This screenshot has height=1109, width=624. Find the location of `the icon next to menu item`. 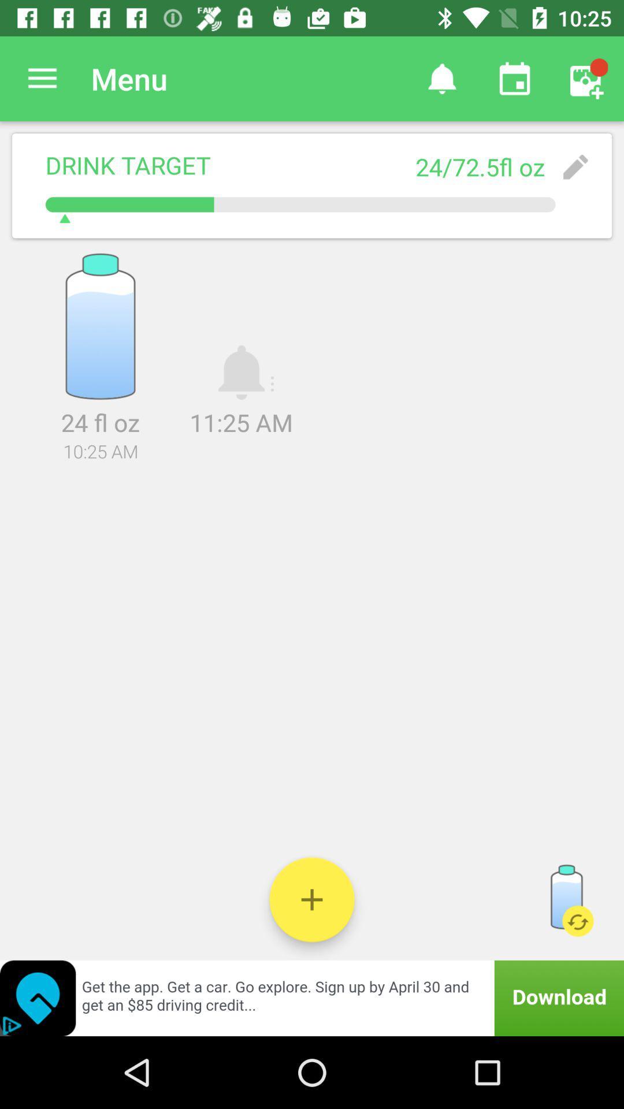

the icon next to menu item is located at coordinates (42, 78).